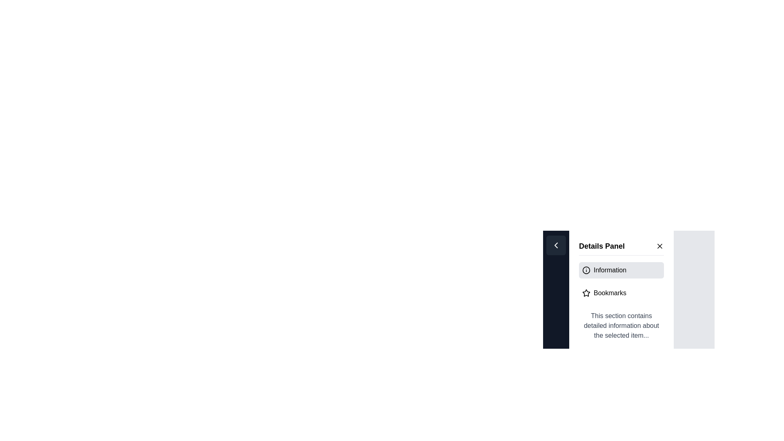 The image size is (784, 441). I want to click on the left-pointing chevron icon button with a white stroke on a dark blue circular background, located at the top-left corner of the right-side panel, so click(556, 245).